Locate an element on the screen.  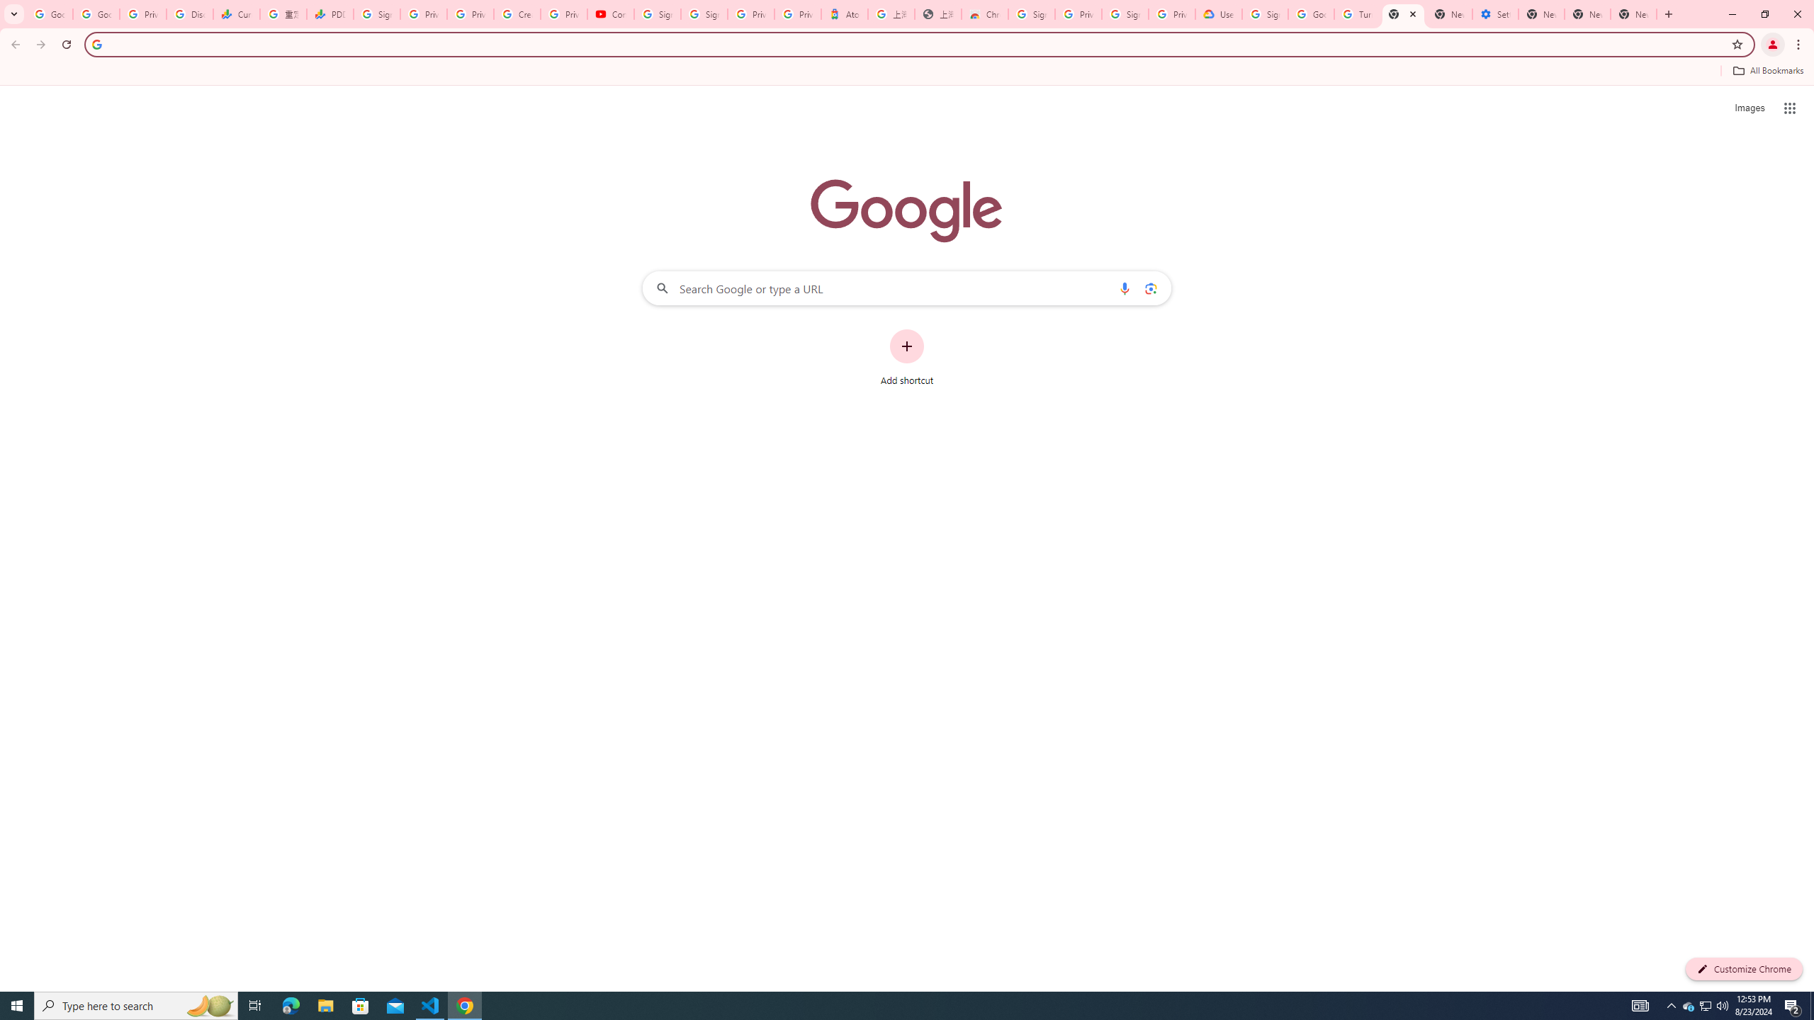
'Add shortcut' is located at coordinates (907, 358).